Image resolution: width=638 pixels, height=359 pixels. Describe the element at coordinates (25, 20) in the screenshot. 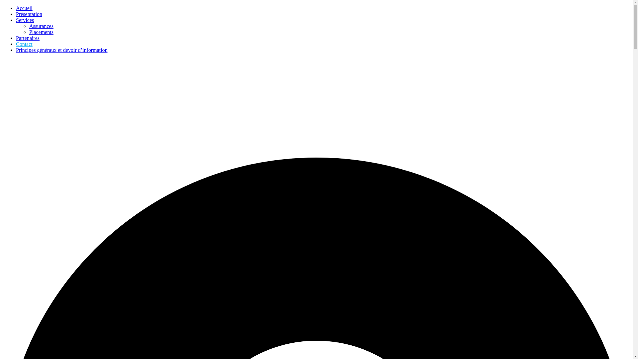

I see `'Services'` at that location.